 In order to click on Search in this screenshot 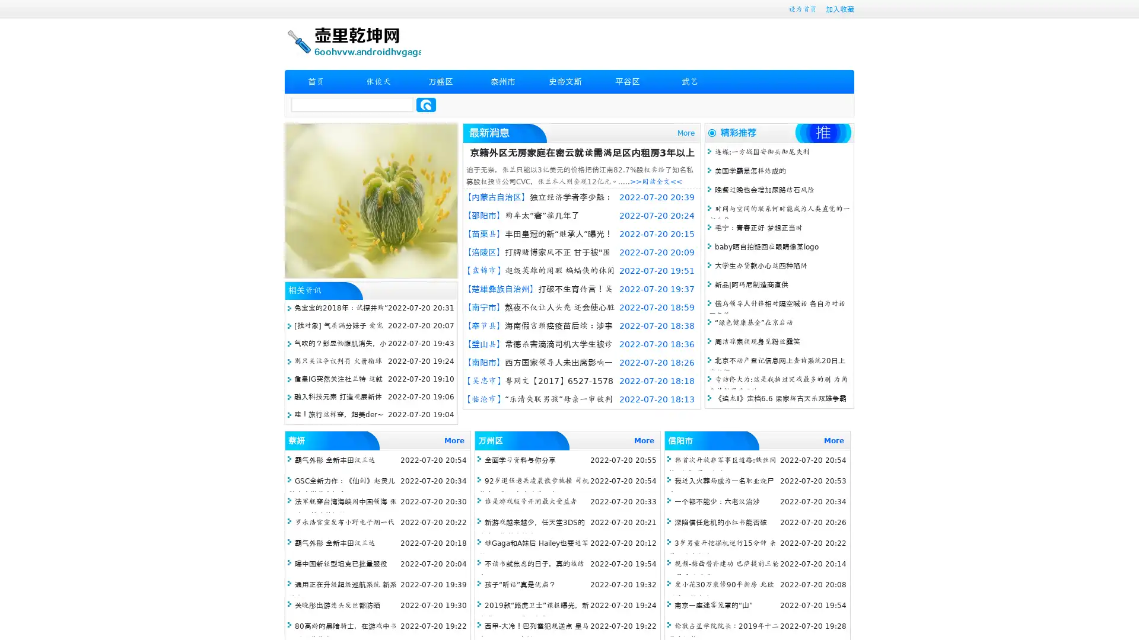, I will do `click(426, 104)`.